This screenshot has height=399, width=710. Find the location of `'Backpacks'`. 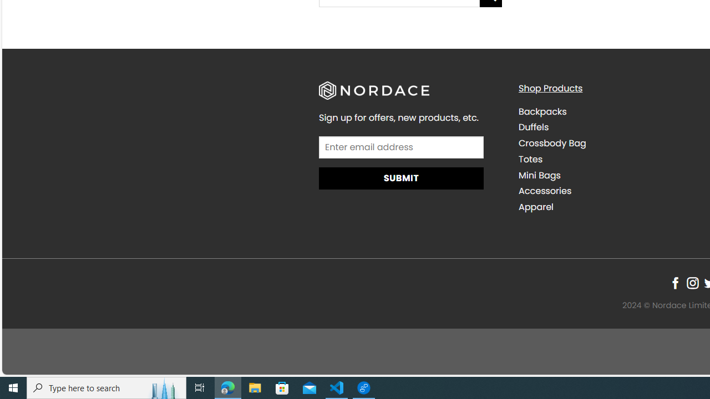

'Backpacks' is located at coordinates (542, 111).